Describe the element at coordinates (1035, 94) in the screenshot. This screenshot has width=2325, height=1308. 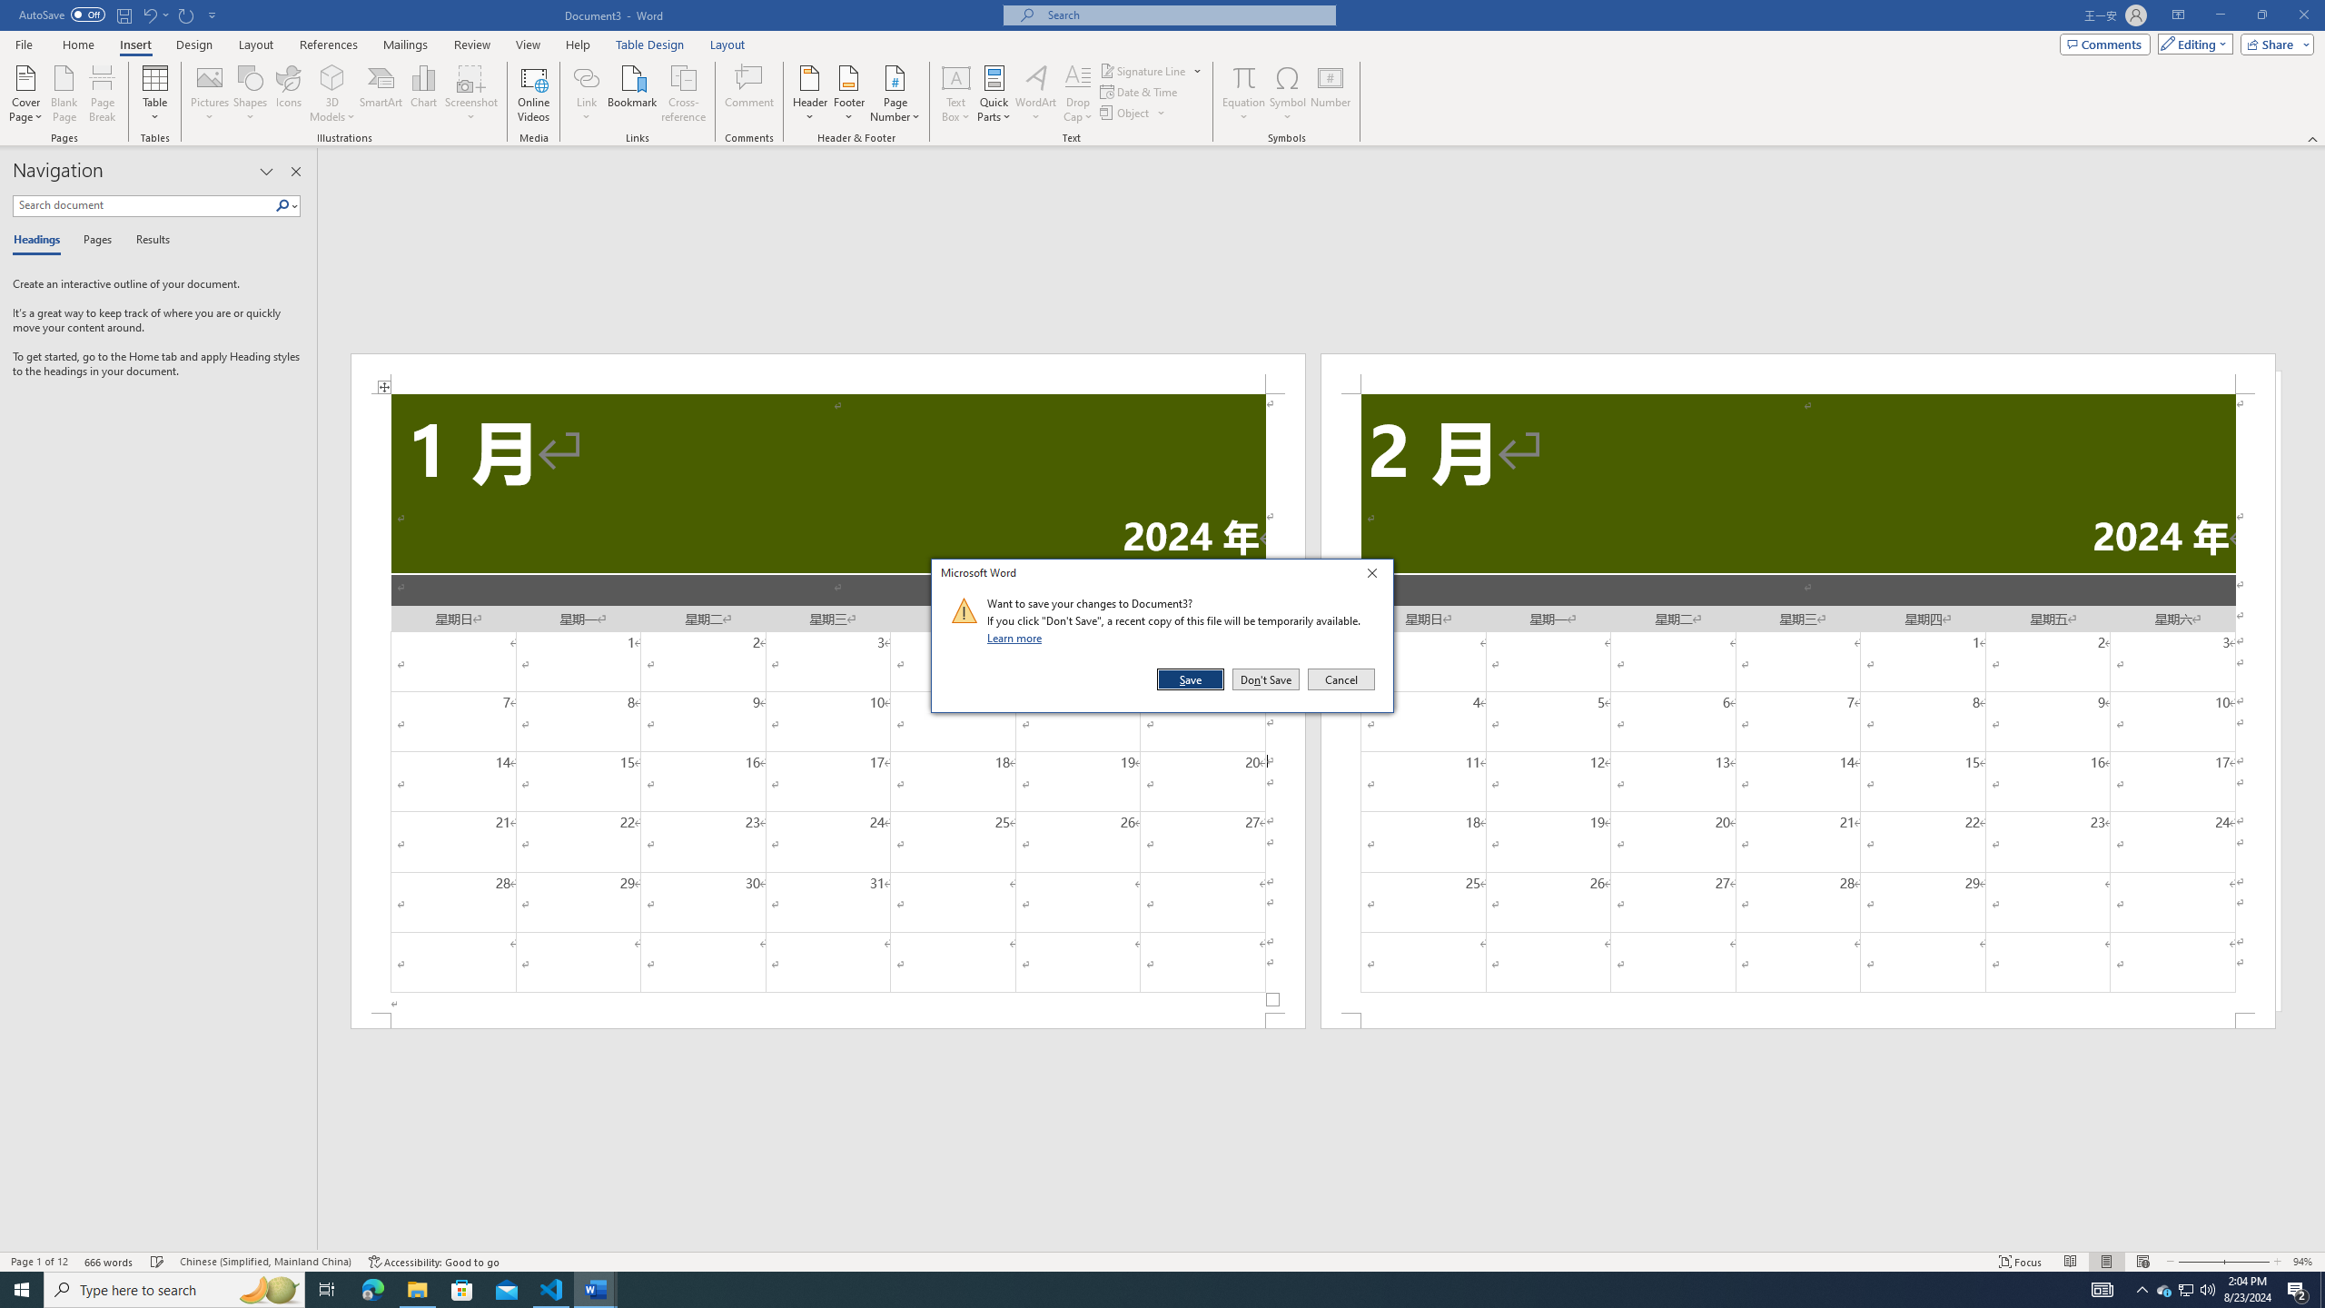
I see `'WordArt'` at that location.